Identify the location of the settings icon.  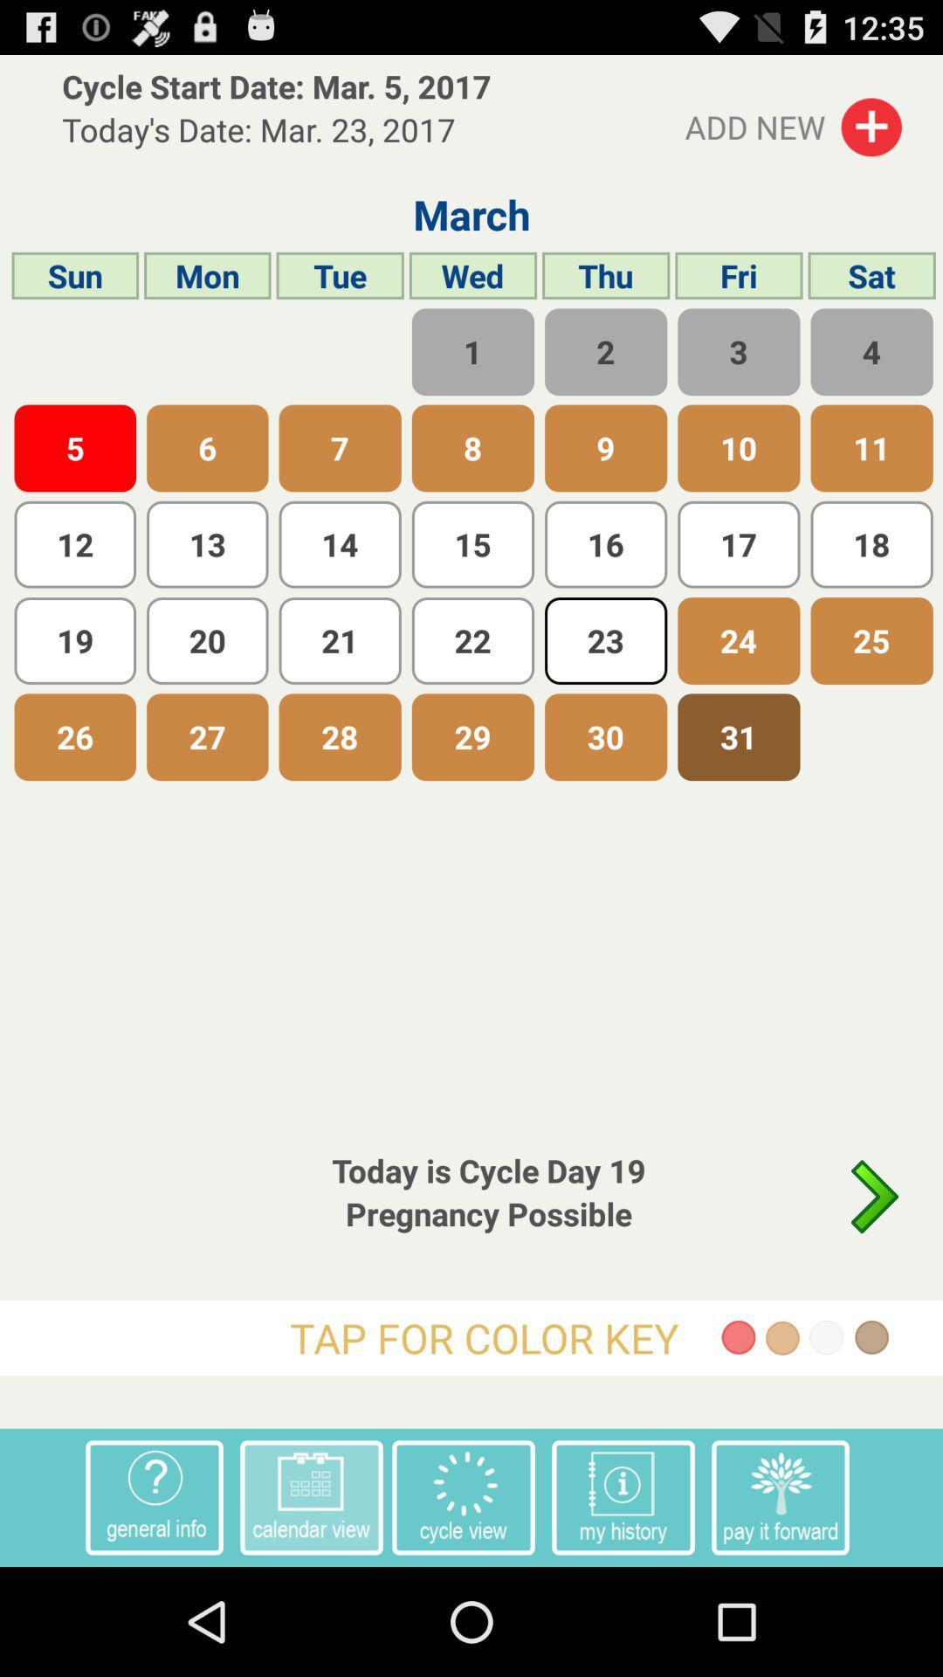
(463, 1603).